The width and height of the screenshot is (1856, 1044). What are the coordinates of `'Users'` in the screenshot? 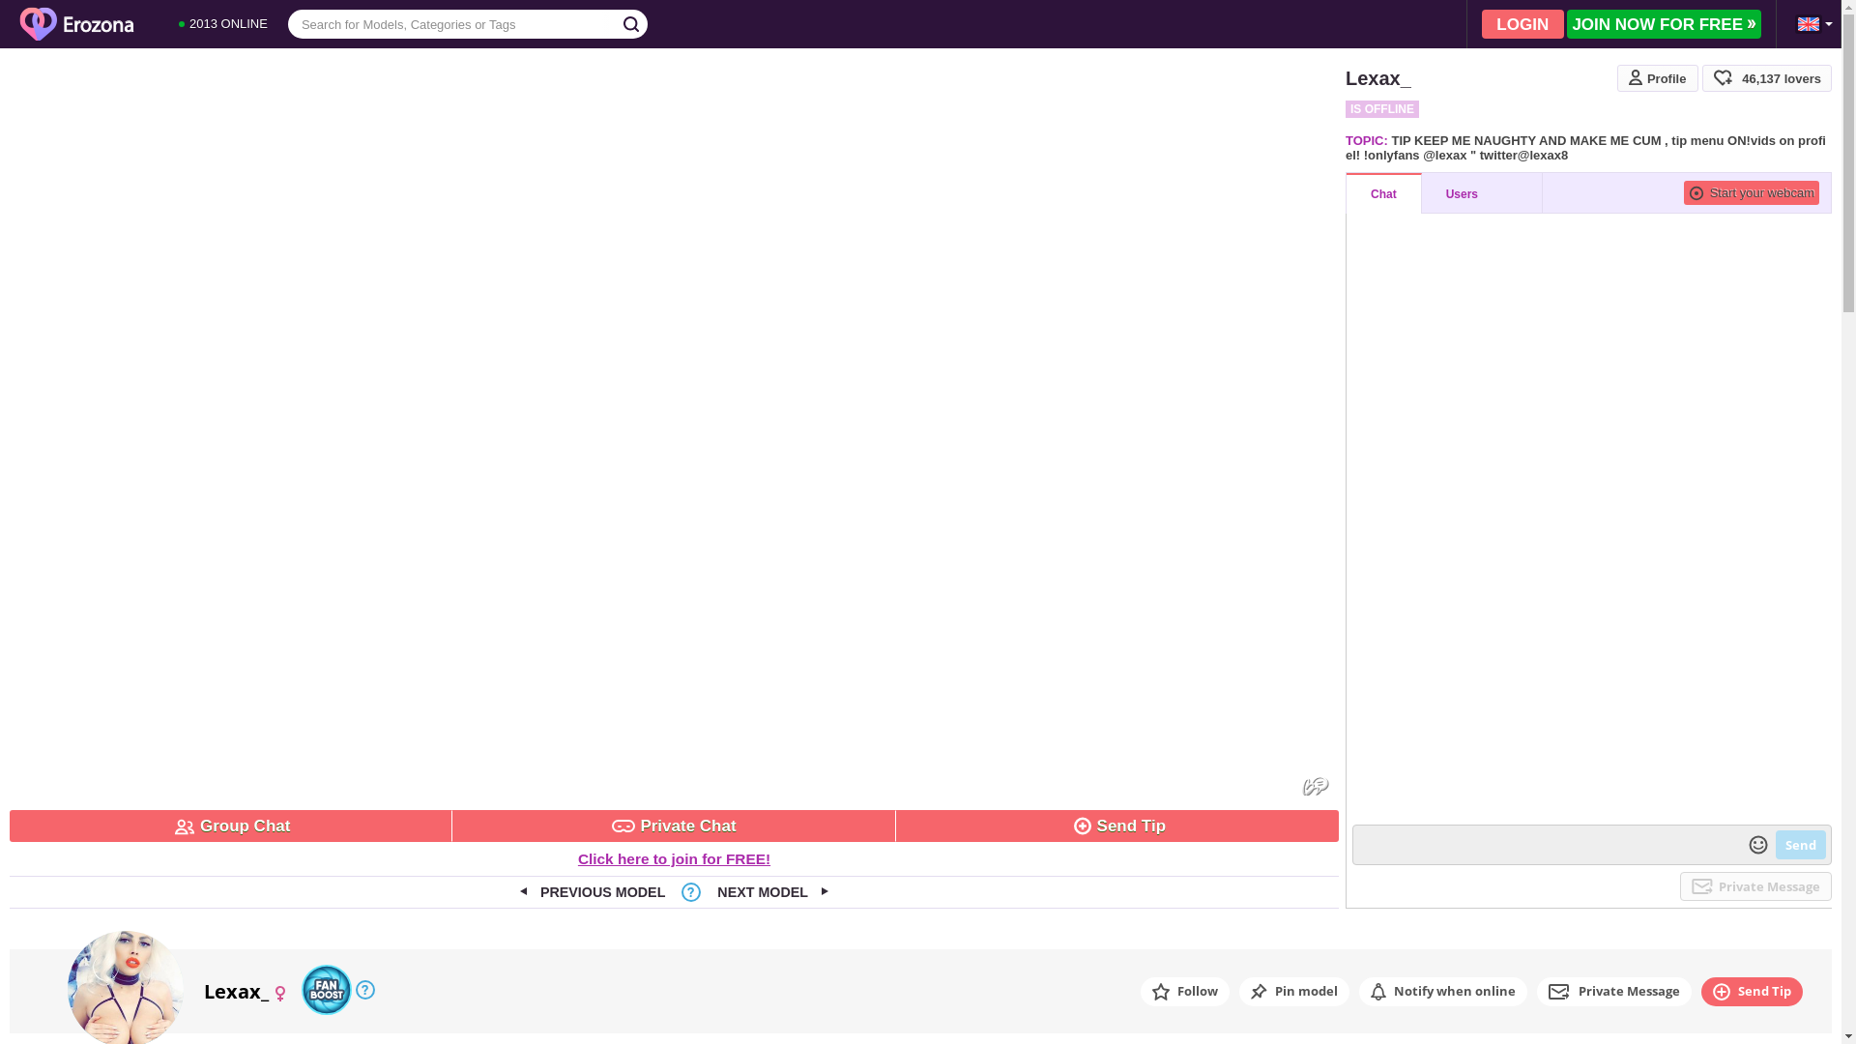 It's located at (1481, 193).